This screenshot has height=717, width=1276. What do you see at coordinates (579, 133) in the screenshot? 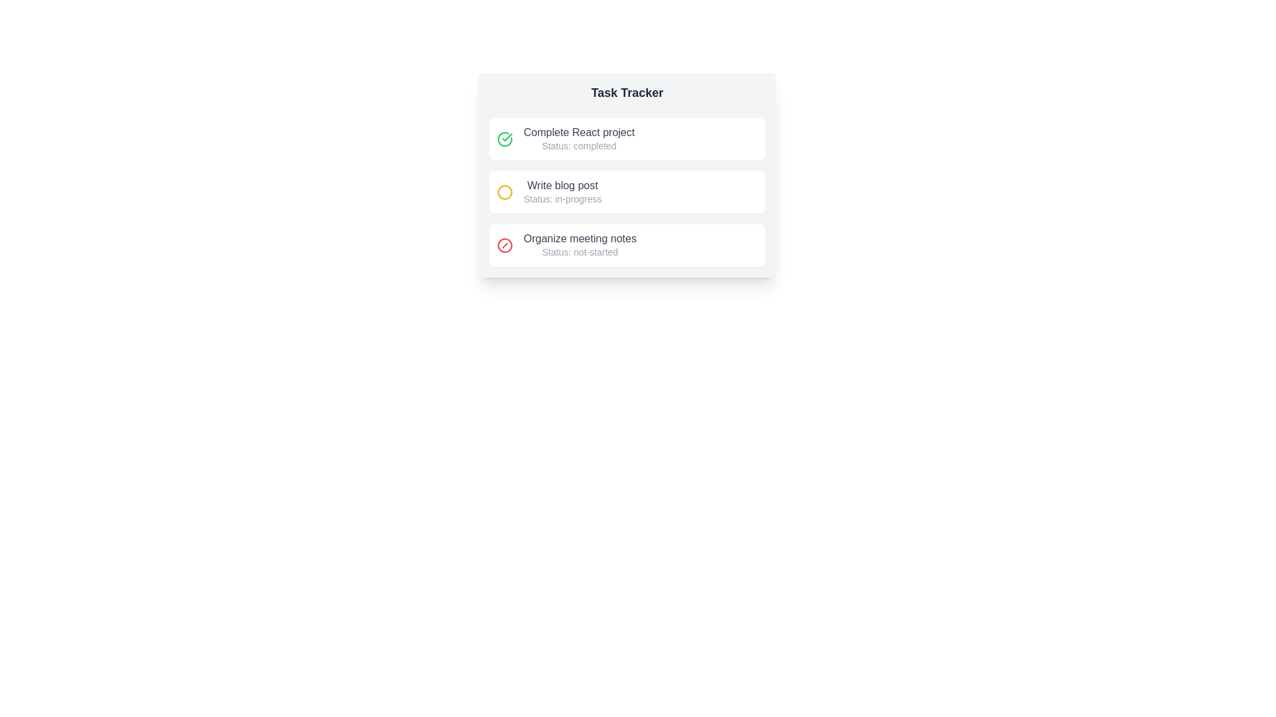
I see `the text label that serves as the title or main descriptor of the first task item, located in the upper portion of the task list interface, adjacent to a green circular checkmark icon` at bounding box center [579, 133].